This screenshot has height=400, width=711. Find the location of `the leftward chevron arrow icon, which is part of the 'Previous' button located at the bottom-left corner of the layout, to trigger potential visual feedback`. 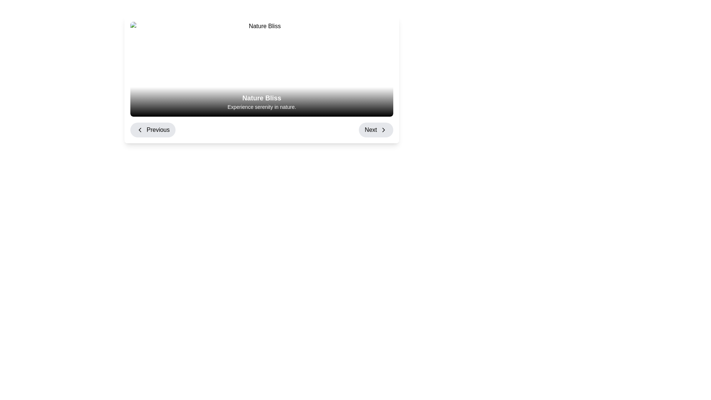

the leftward chevron arrow icon, which is part of the 'Previous' button located at the bottom-left corner of the layout, to trigger potential visual feedback is located at coordinates (140, 130).